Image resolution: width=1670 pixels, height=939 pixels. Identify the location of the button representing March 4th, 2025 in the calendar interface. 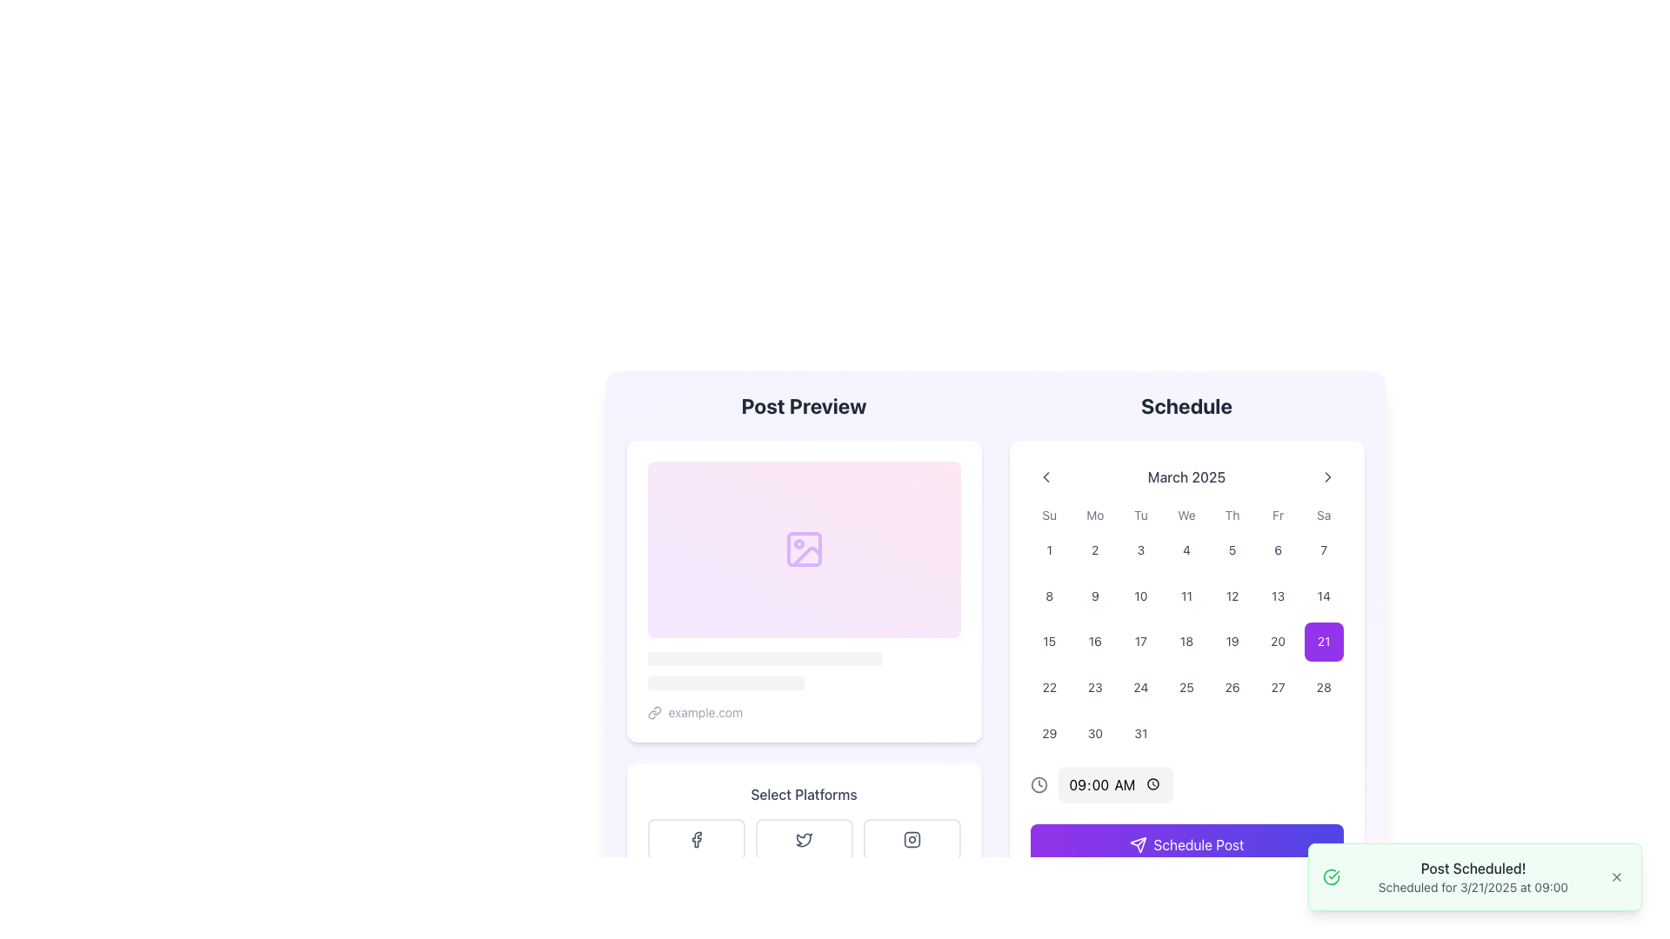
(1186, 550).